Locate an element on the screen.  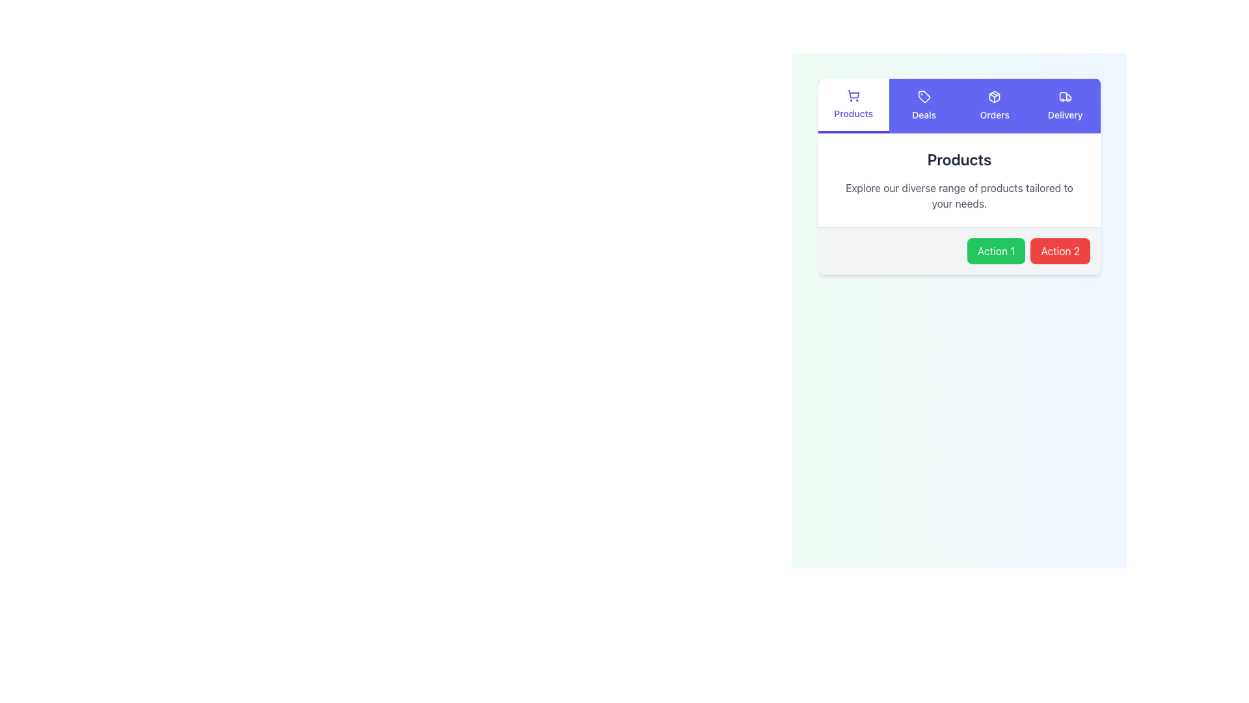
the 'Orders' text label in the navigation bar is located at coordinates (994, 115).